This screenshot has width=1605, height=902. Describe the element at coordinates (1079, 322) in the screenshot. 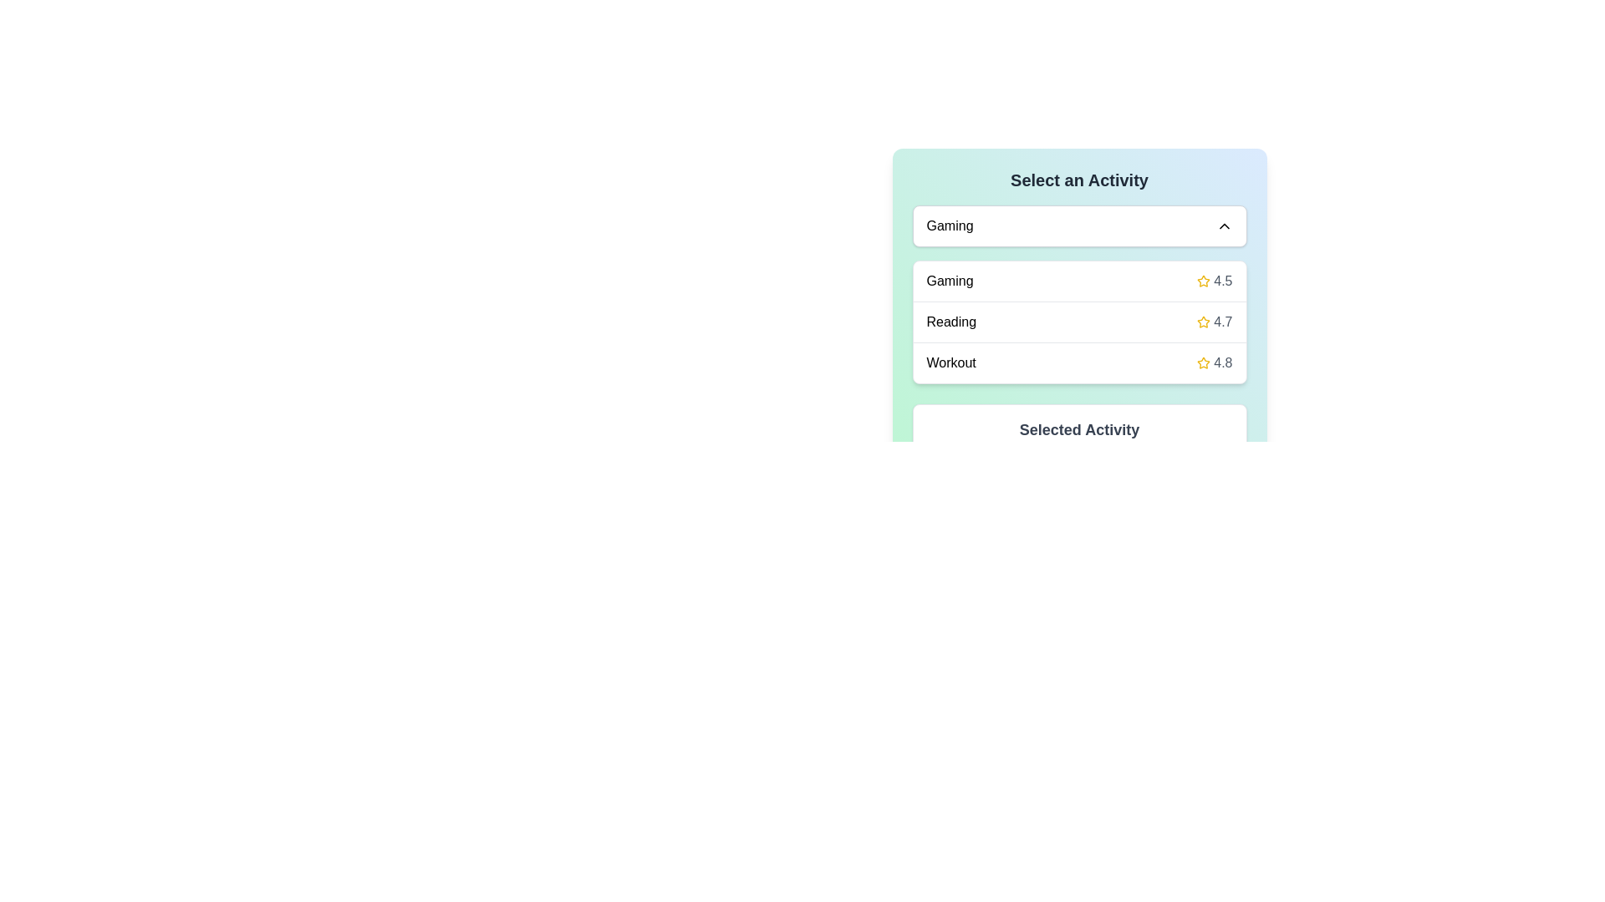

I see `the second item in the dropdown list labeled 'Reading'` at that location.